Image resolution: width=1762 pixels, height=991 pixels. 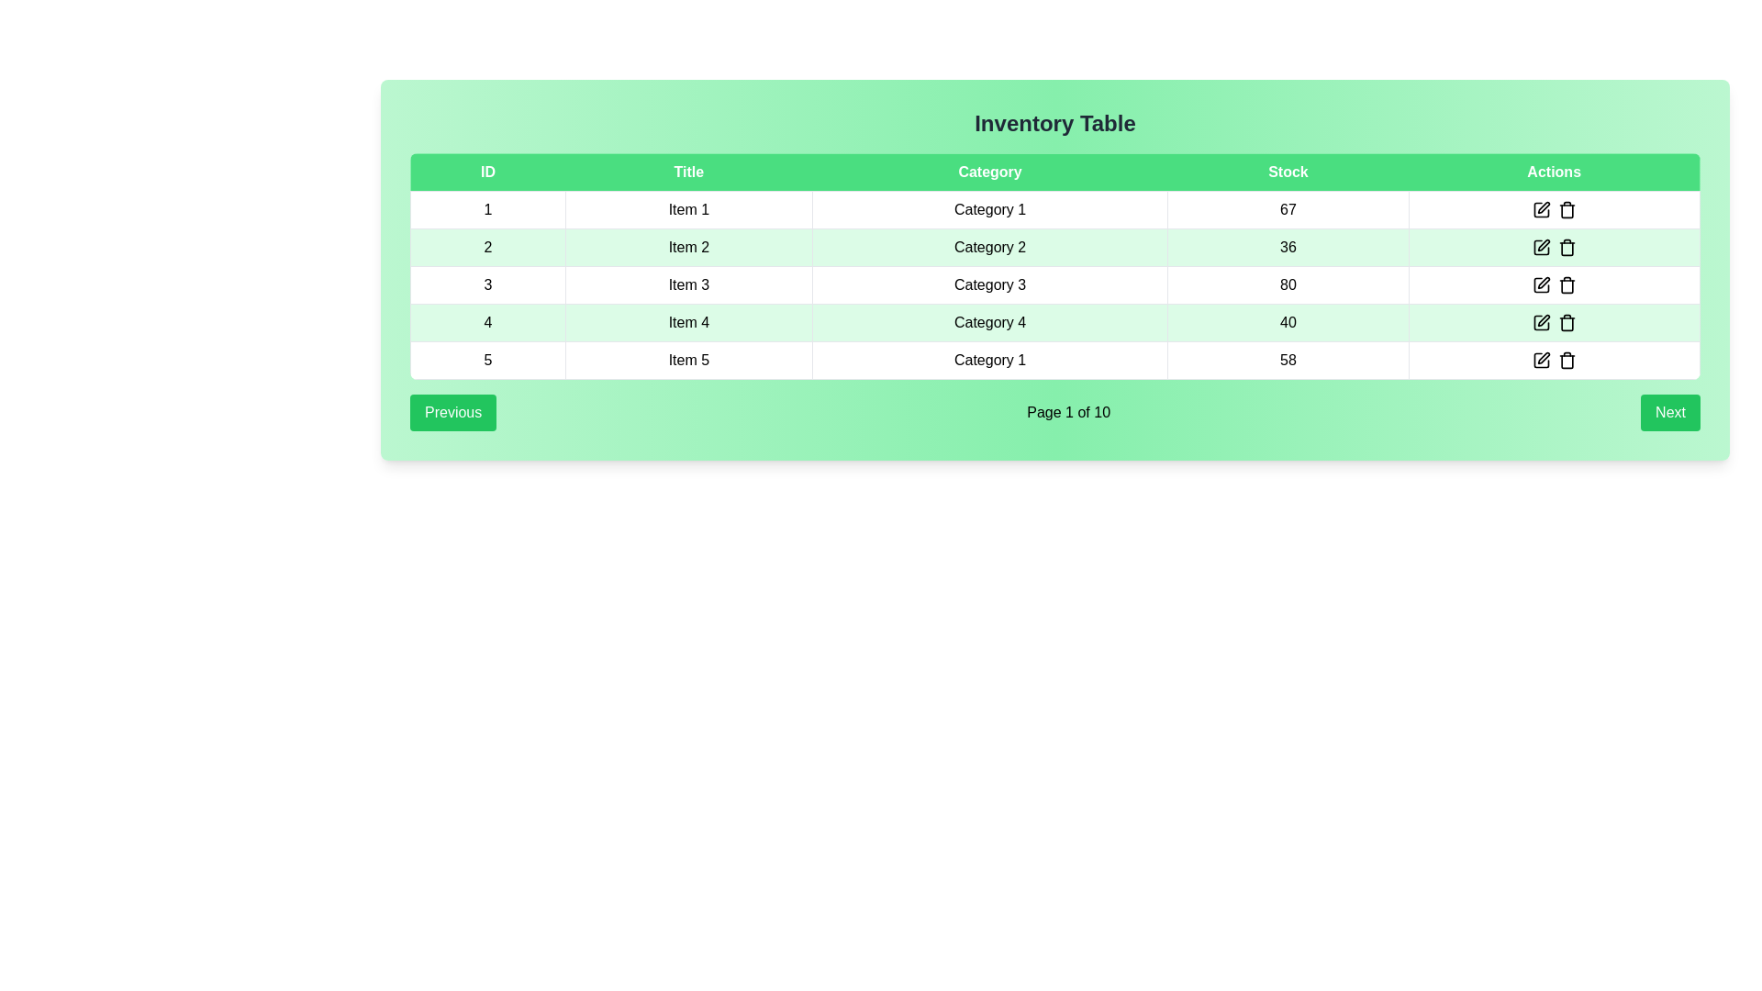 I want to click on the stylized pen icon button in the 'Actions' column of the fourth row in the Inventory Table to initiate editing, so click(x=1543, y=319).